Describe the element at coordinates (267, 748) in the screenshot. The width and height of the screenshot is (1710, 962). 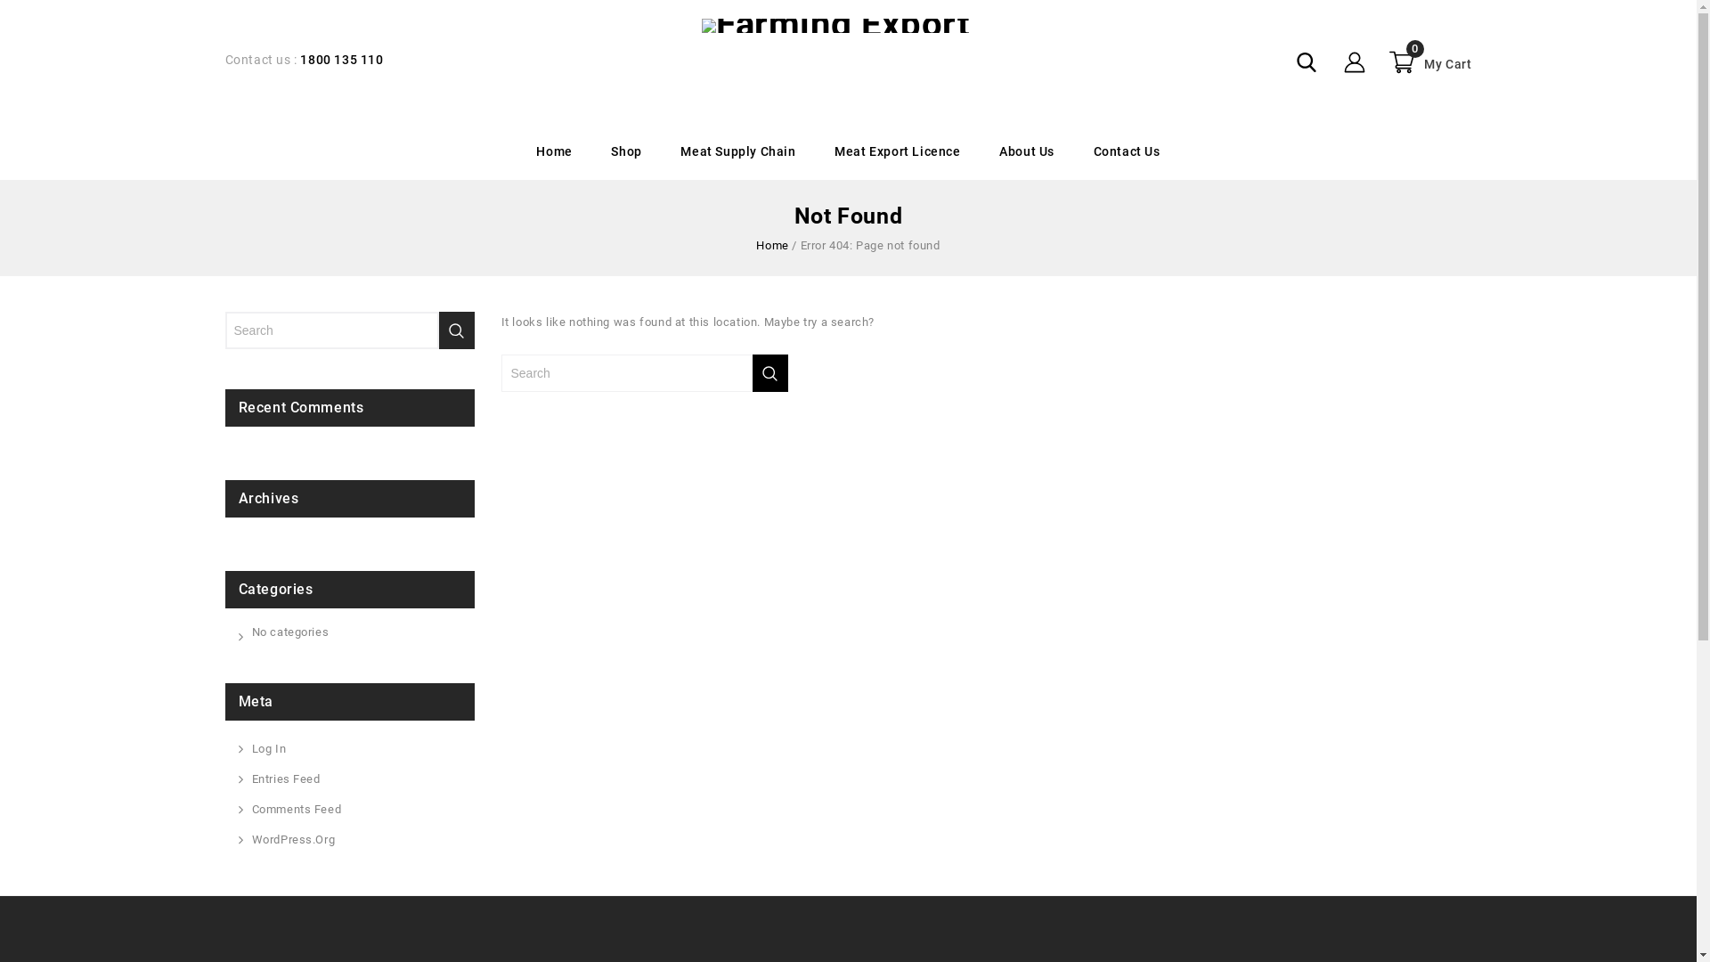
I see `'Log In'` at that location.